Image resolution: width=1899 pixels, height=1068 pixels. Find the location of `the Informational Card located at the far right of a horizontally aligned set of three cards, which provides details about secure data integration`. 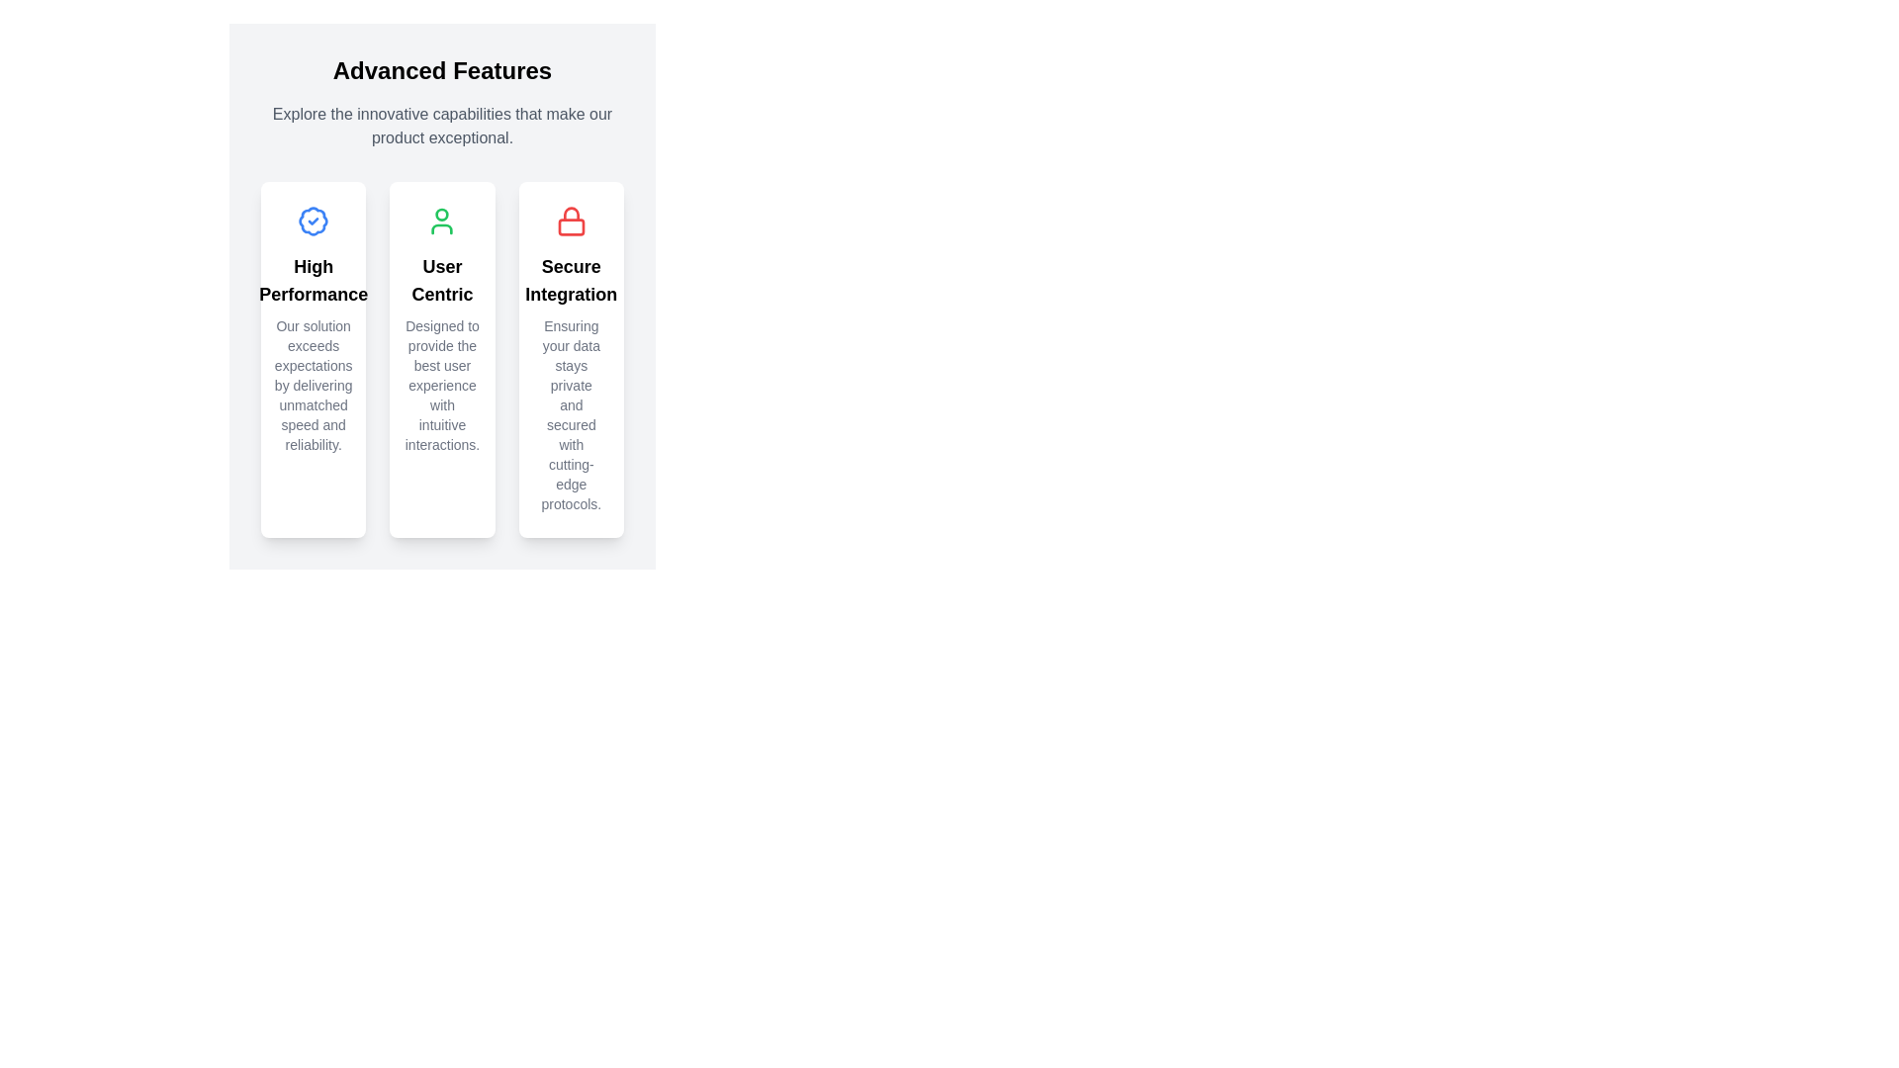

the Informational Card located at the far right of a horizontally aligned set of three cards, which provides details about secure data integration is located at coordinates (570, 359).